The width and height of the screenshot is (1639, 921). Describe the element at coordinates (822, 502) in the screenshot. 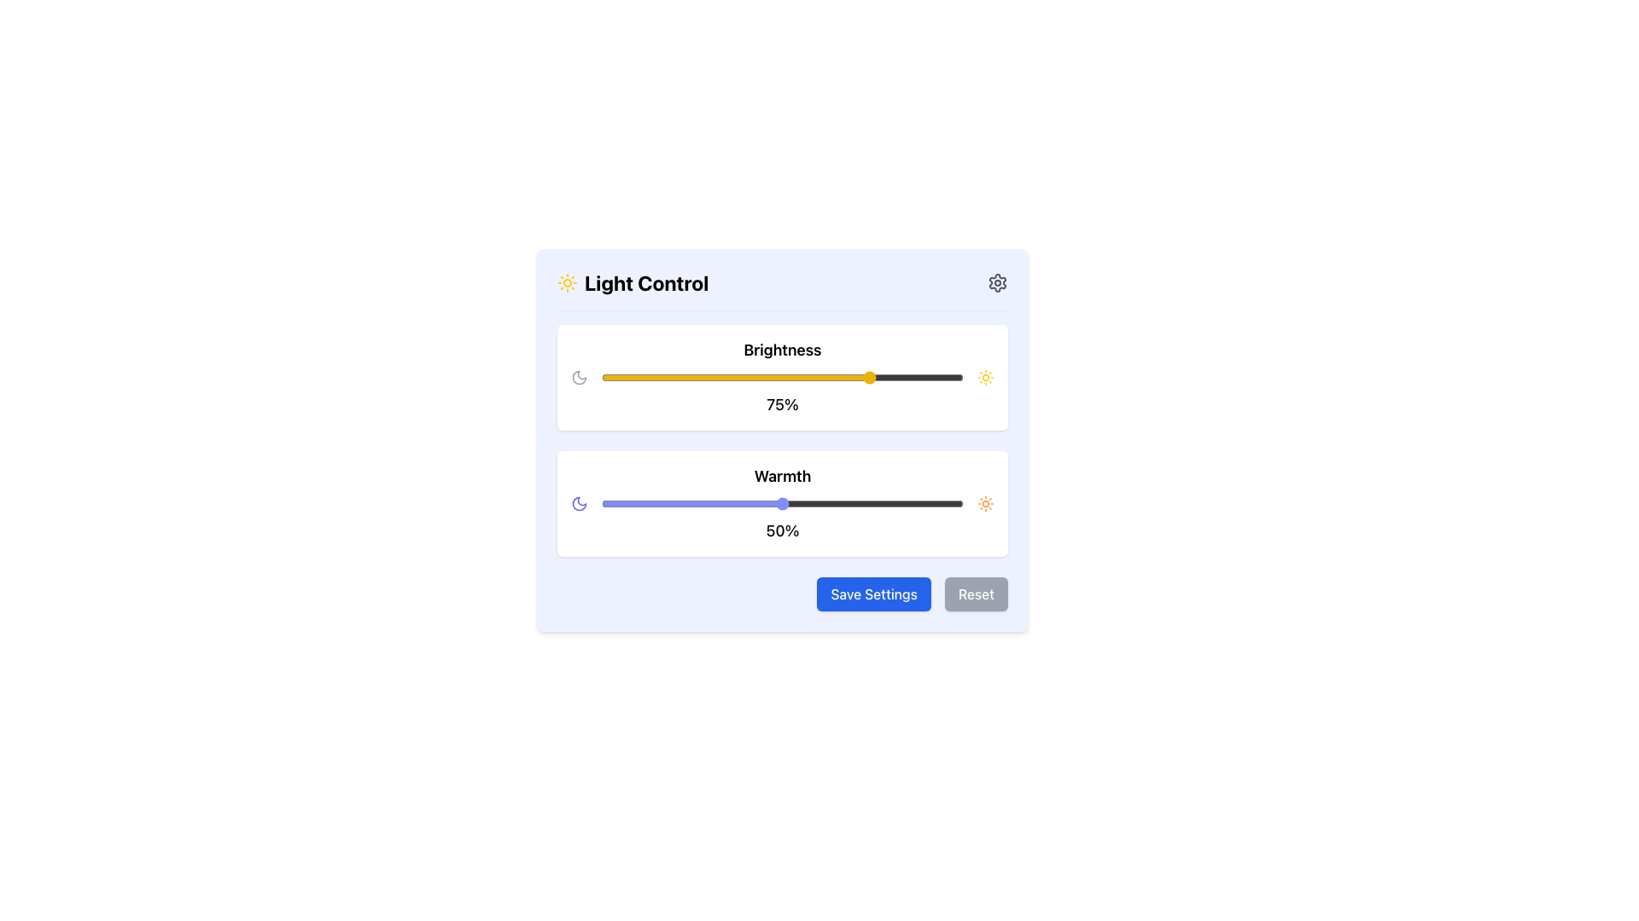

I see `warmth` at that location.